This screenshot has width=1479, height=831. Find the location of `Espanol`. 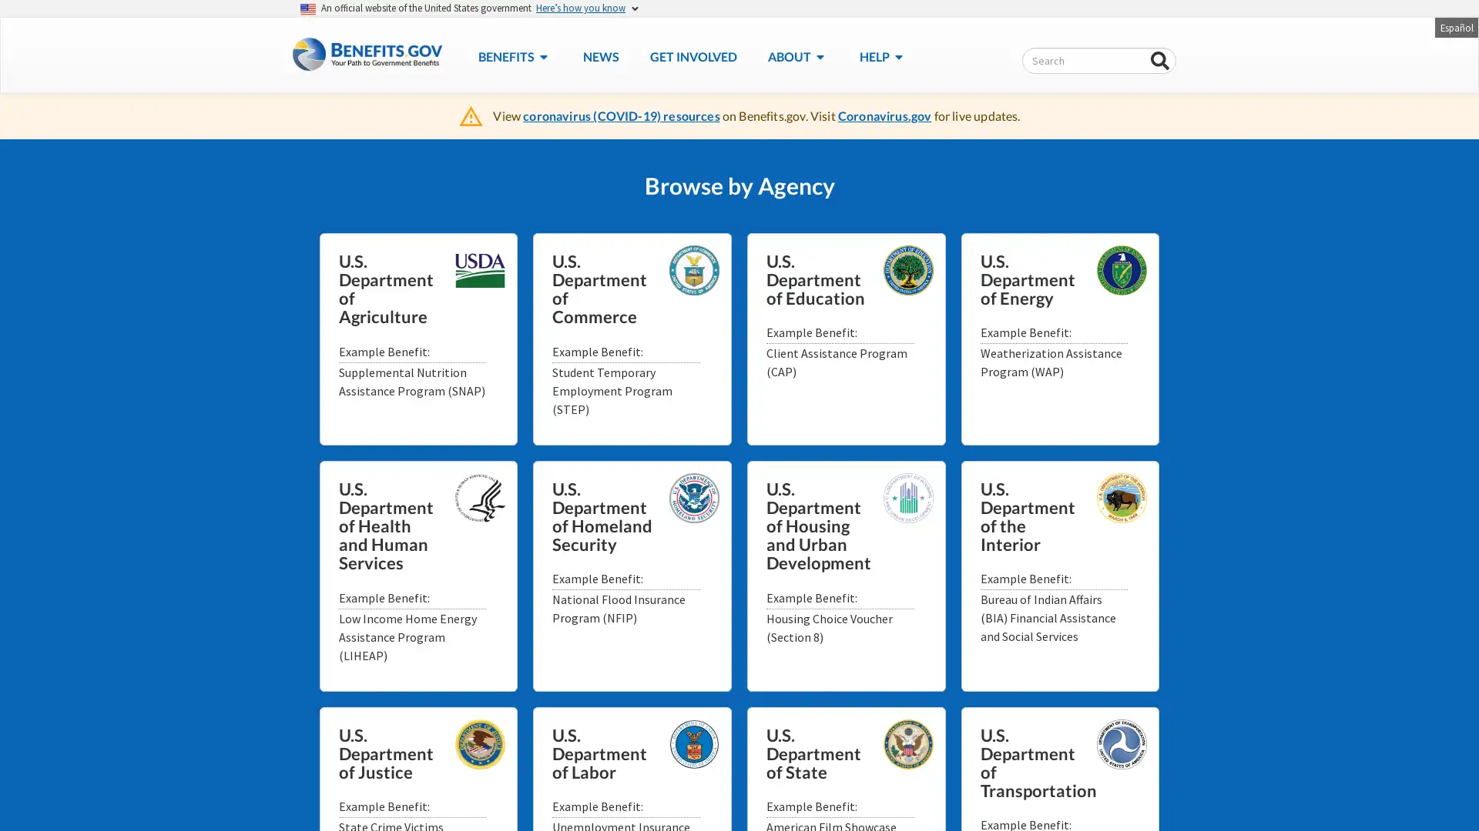

Espanol is located at coordinates (1455, 26).